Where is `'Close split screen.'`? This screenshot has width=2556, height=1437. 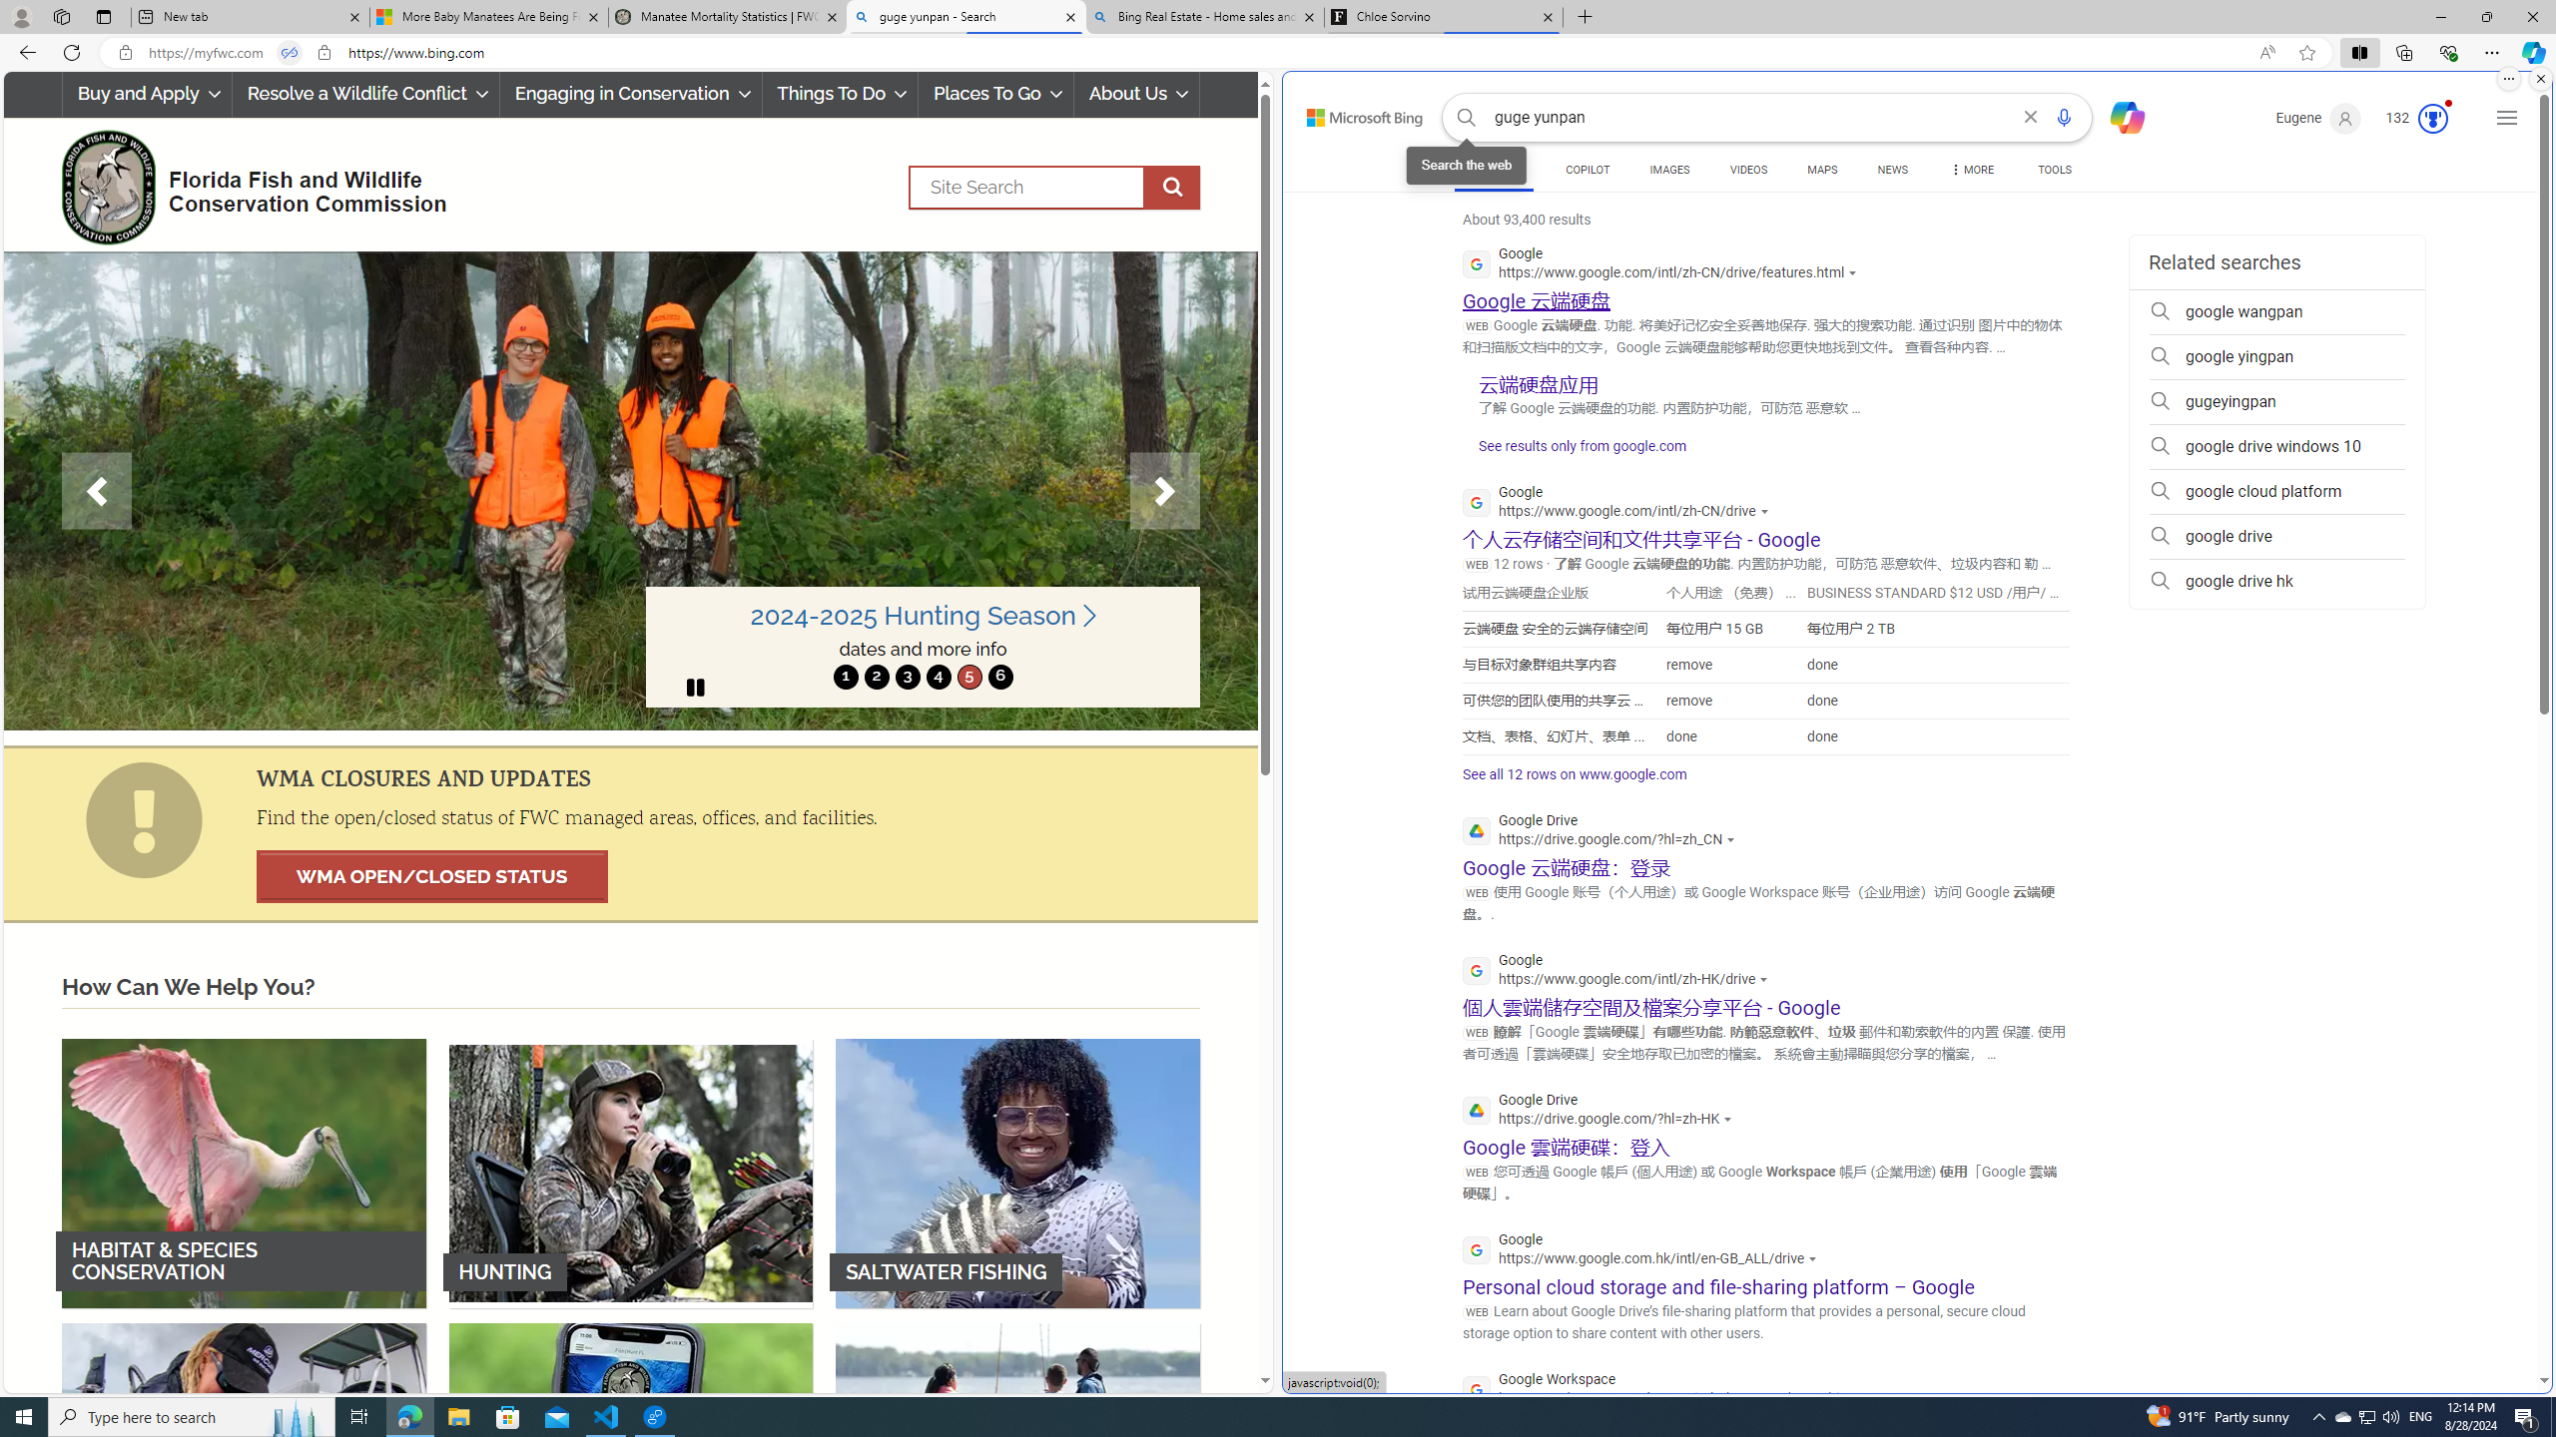
'Close split screen.' is located at coordinates (2539, 78).